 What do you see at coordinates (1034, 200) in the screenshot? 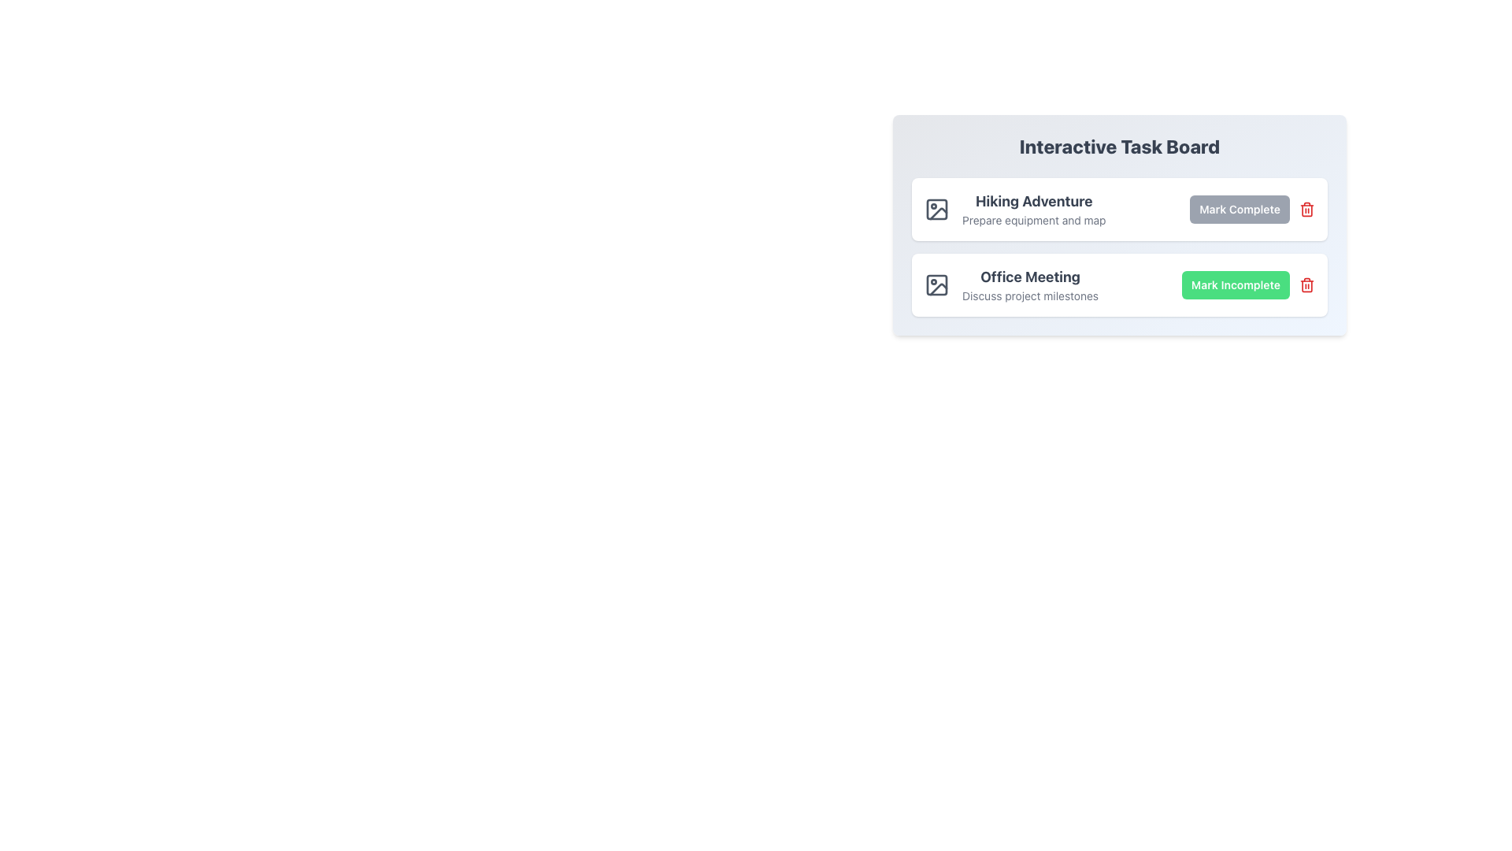
I see `the Text Label located at the top of the task card, which serves as the main title for a task or event` at bounding box center [1034, 200].